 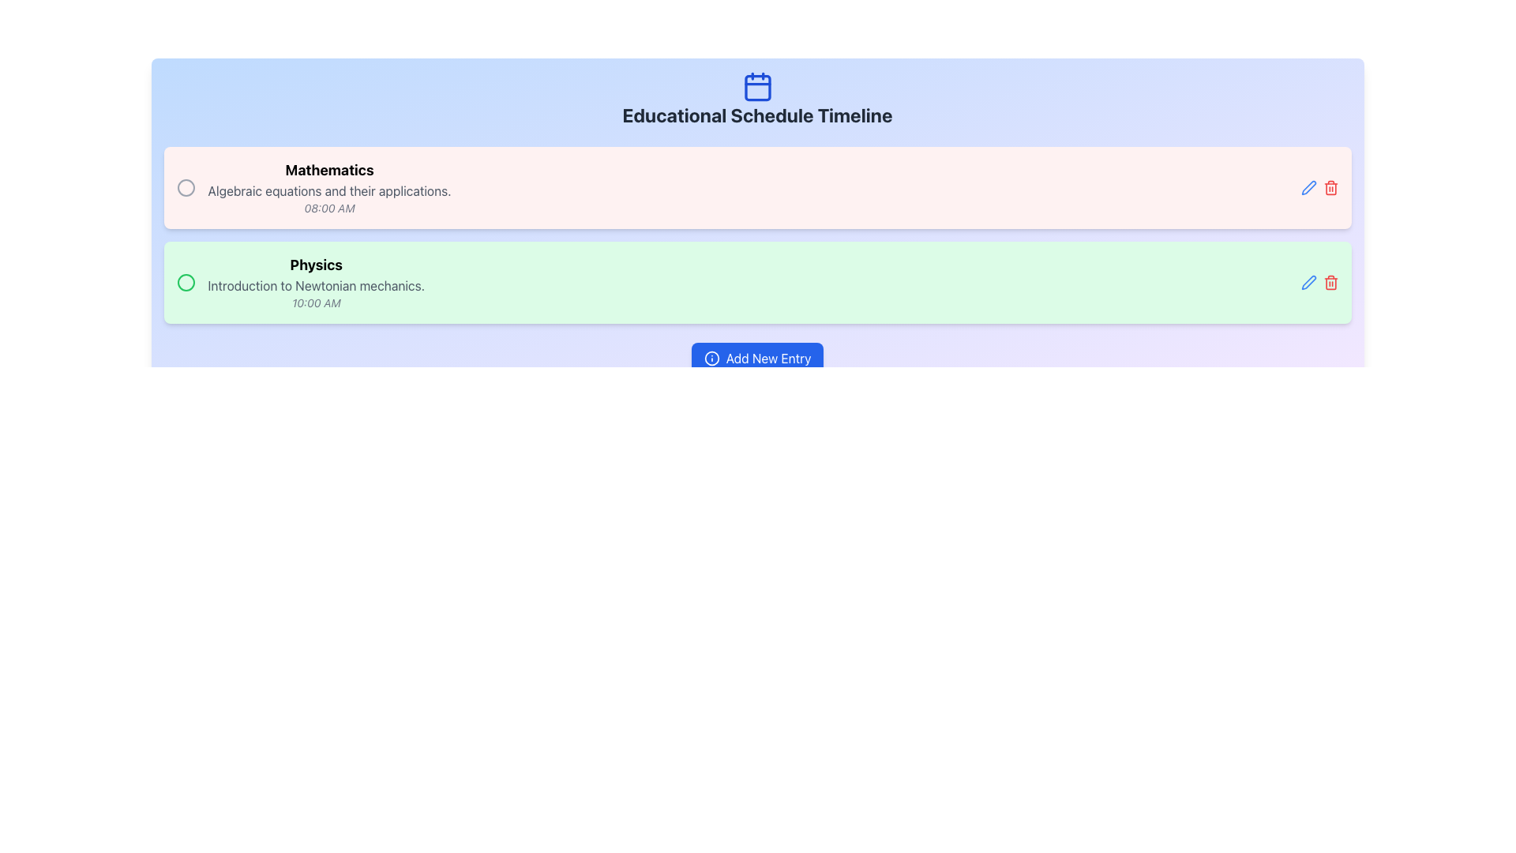 I want to click on the stylized pen icon located in the green section labeled 'Physics', so click(x=1308, y=187).